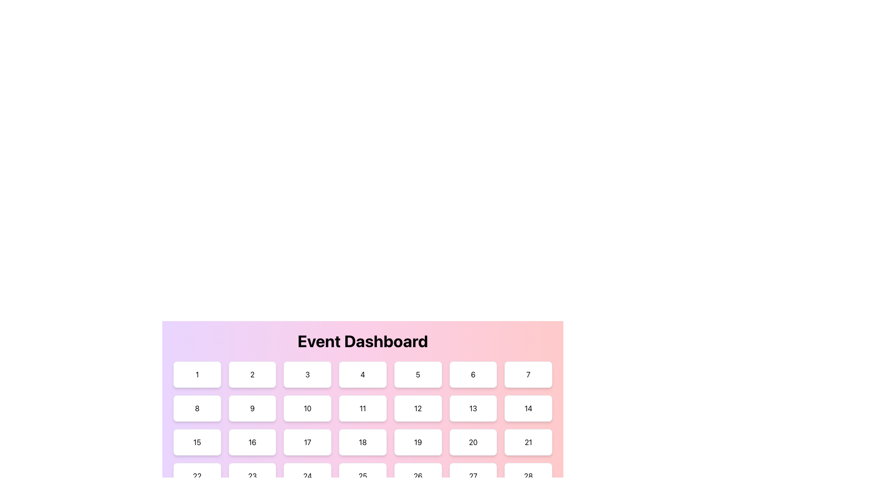 The height and width of the screenshot is (494, 878). Describe the element at coordinates (472, 442) in the screenshot. I see `the white rectangular button with rounded corners displaying the number '20'` at that location.